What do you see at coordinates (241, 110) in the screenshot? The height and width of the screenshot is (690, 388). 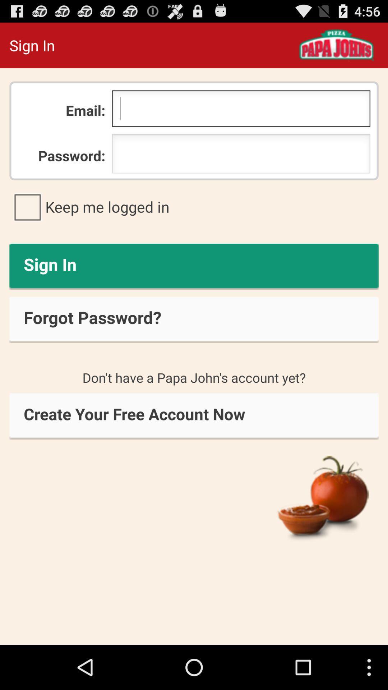 I see `type email` at bounding box center [241, 110].